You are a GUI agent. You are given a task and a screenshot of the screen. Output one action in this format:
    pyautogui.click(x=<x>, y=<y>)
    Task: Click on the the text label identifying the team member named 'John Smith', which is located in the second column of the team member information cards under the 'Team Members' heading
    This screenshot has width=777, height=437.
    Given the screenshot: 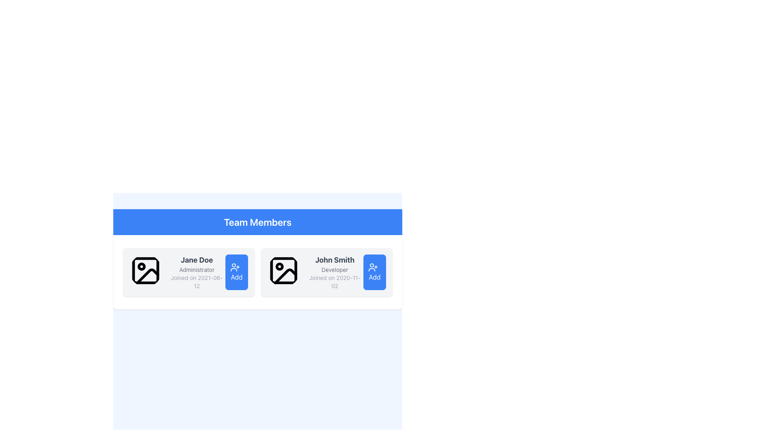 What is the action you would take?
    pyautogui.click(x=335, y=260)
    